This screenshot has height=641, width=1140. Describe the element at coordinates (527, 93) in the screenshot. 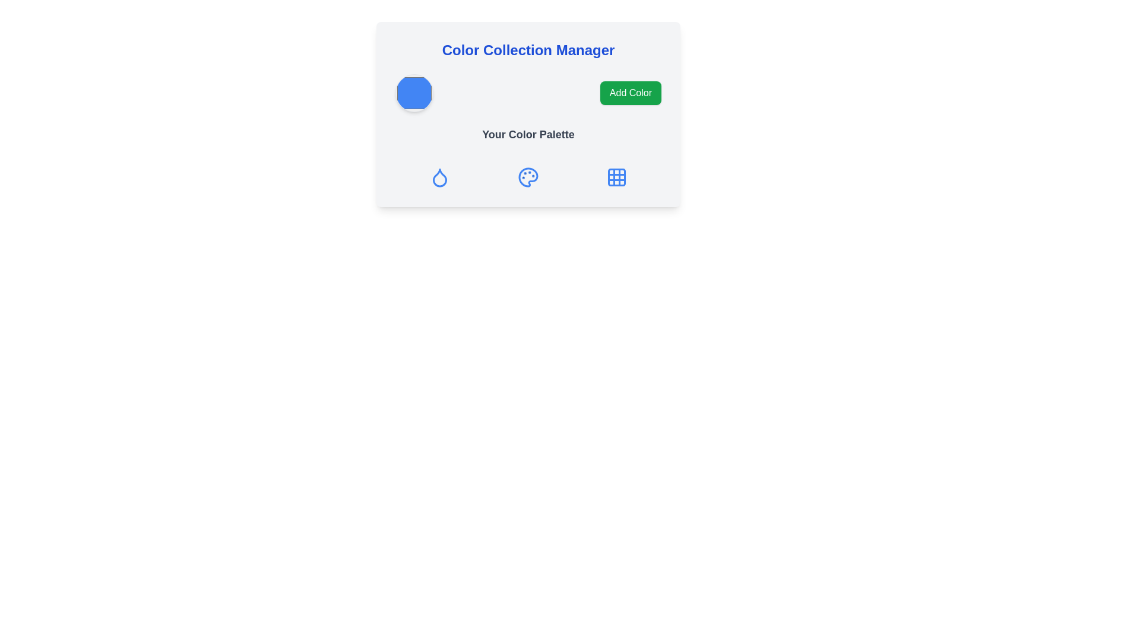

I see `the color selection circle in the Color Collection Manager component to choose a color` at that location.